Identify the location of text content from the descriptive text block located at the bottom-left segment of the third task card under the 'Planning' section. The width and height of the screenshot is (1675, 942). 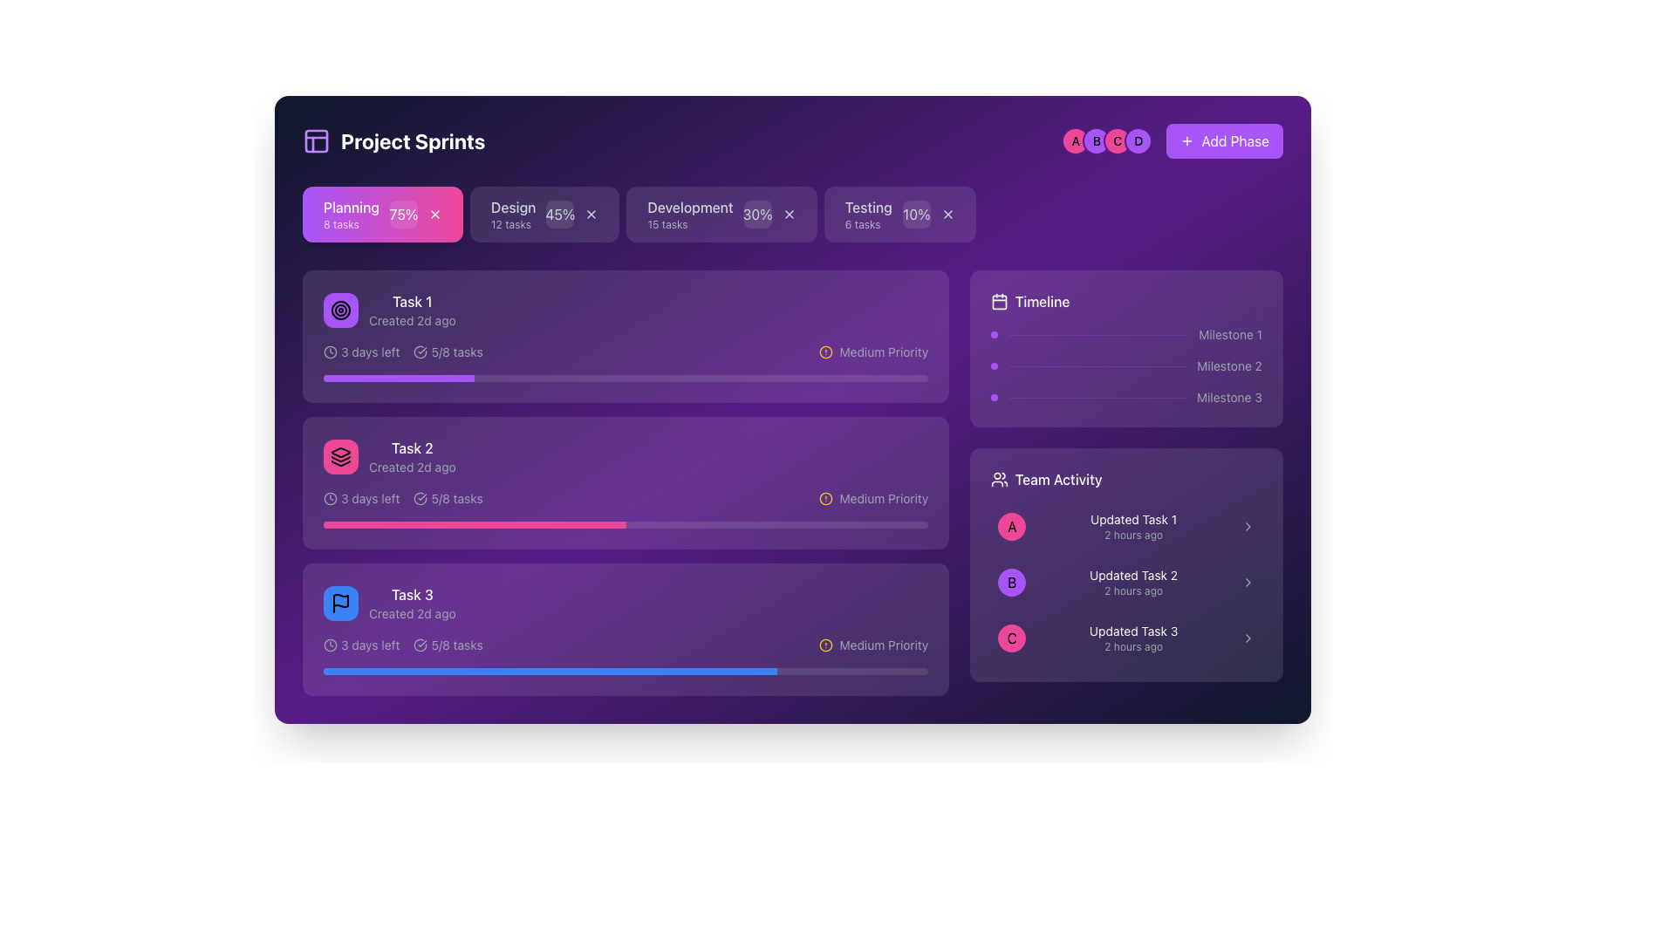
(411, 602).